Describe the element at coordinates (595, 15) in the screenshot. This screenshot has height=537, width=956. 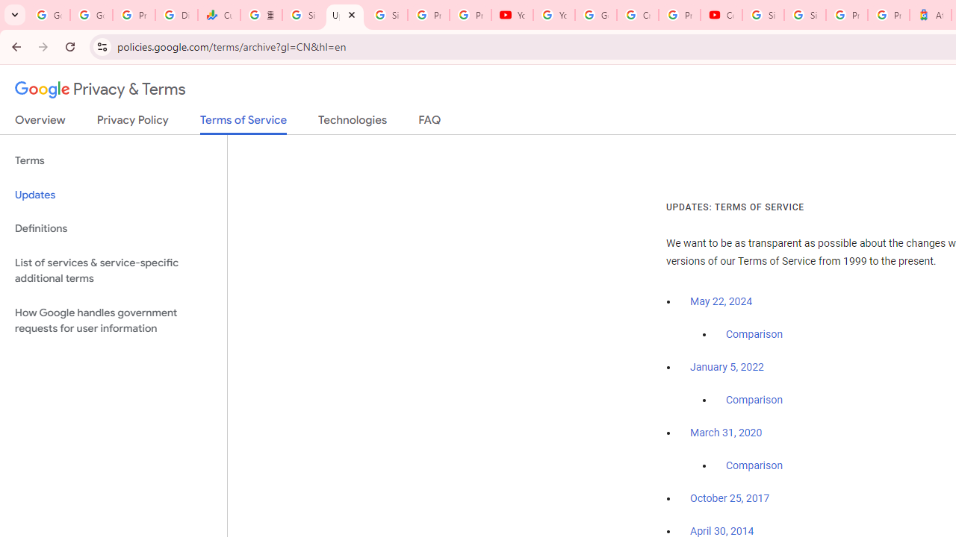
I see `'Google Account Help'` at that location.